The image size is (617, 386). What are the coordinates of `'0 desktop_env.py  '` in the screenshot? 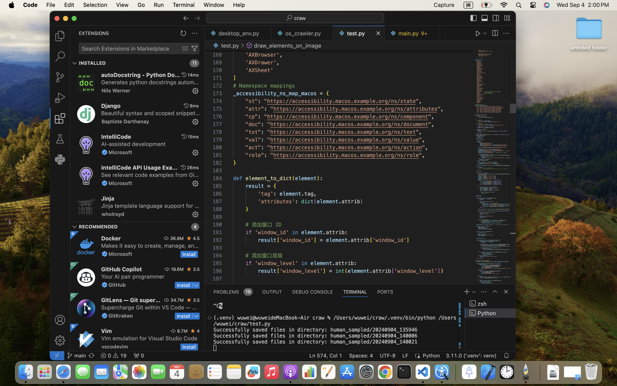 It's located at (238, 33).